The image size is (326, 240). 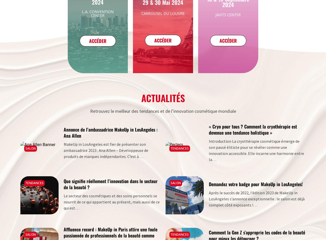 What do you see at coordinates (162, 13) in the screenshot?
I see `'CARROUSEL DU LOUVRE'` at bounding box center [162, 13].